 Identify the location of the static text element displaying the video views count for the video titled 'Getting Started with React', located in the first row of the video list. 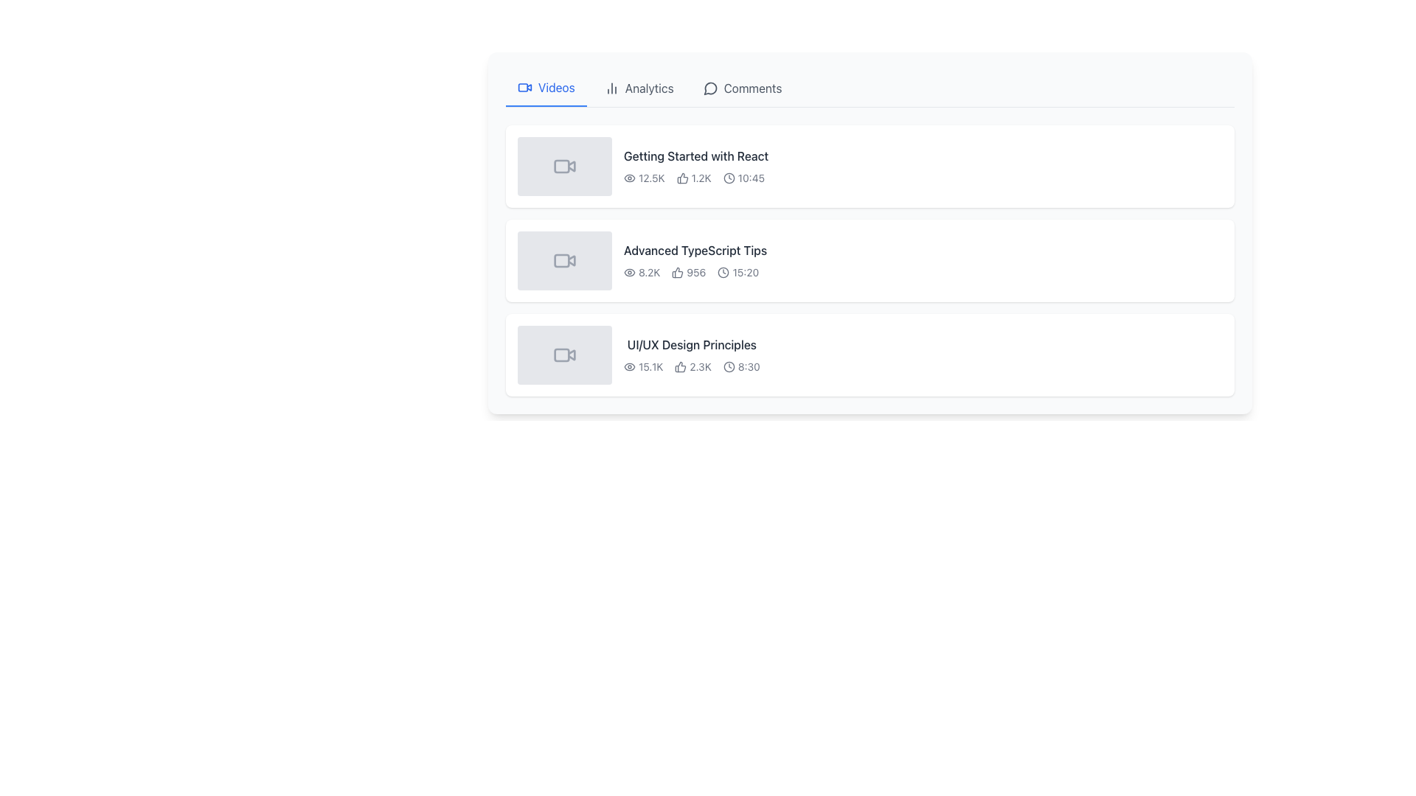
(644, 178).